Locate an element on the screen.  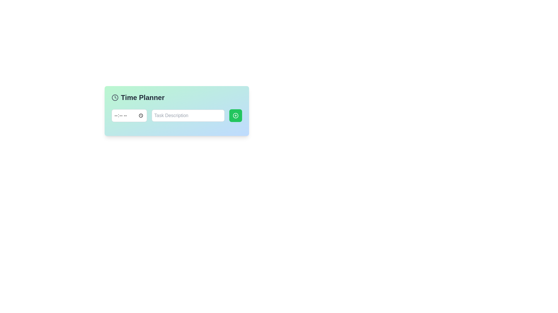
the green 'Add' button with a white circular plus icon located at the rightmost side of the component arrangement is located at coordinates (236, 115).